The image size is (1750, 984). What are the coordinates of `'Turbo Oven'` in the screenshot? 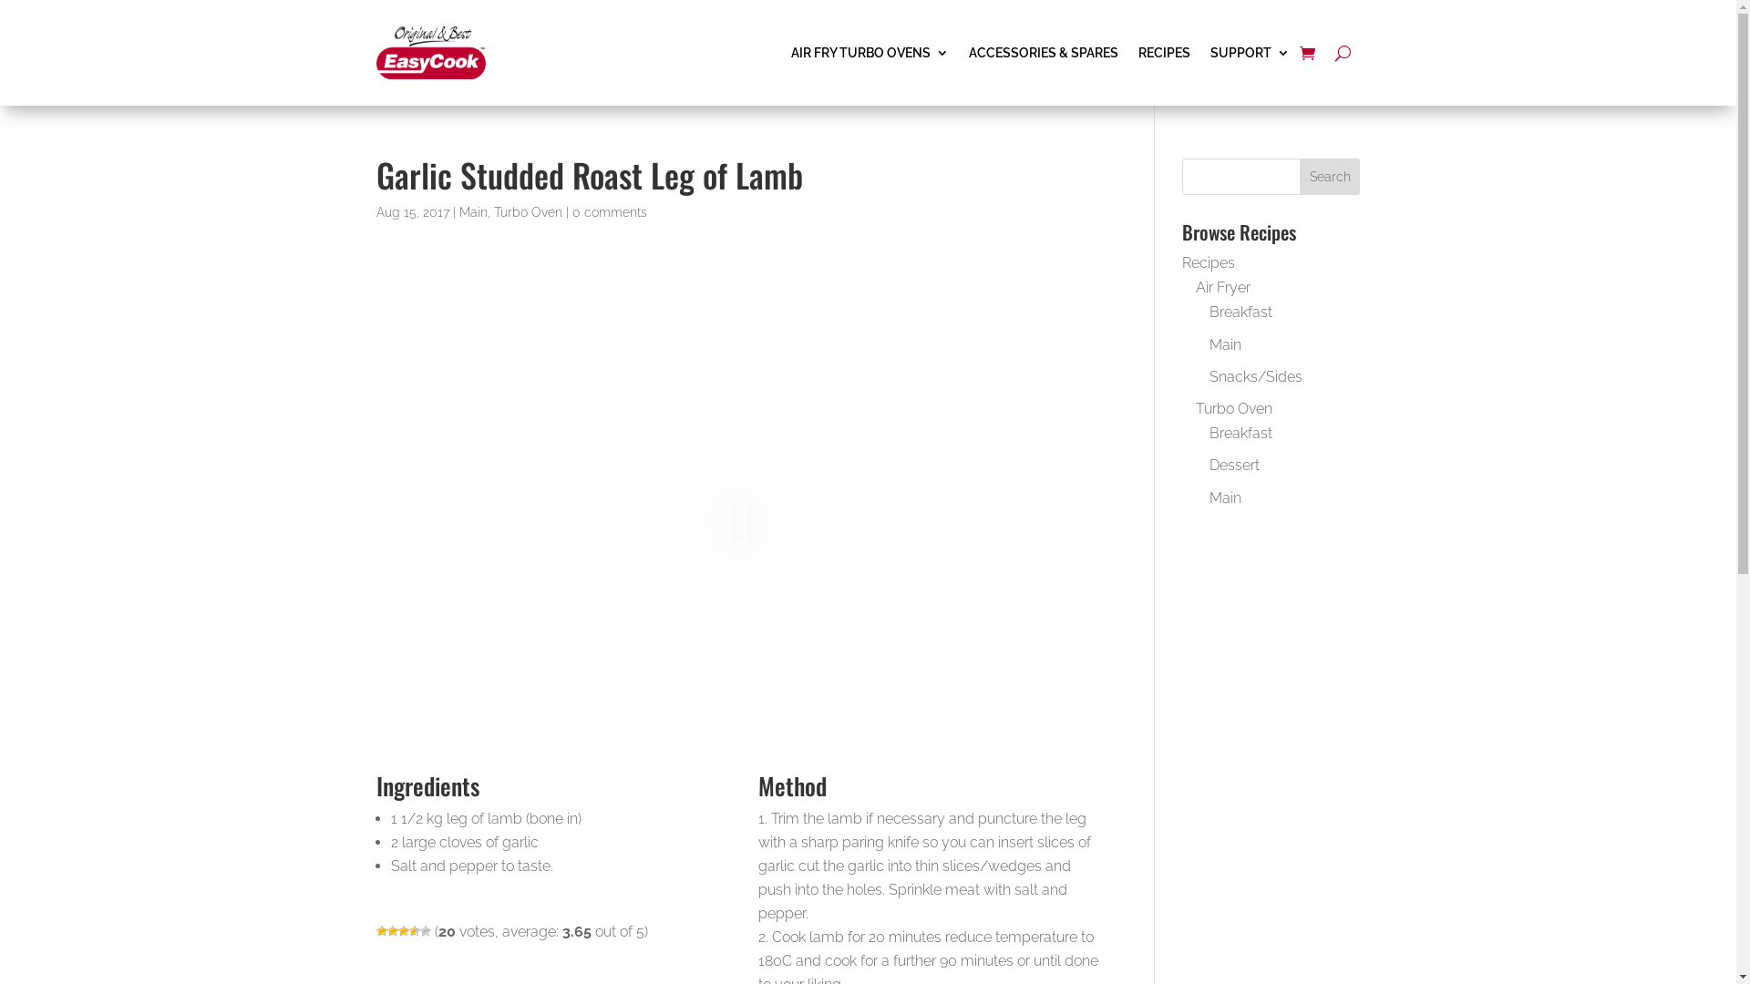 It's located at (1233, 407).